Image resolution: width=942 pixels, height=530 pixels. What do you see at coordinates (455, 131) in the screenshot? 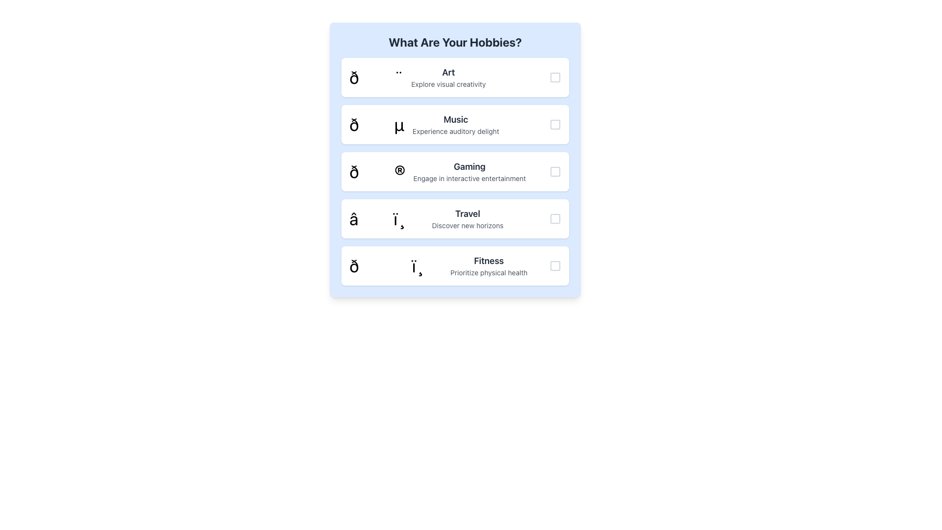
I see `the descriptive text label for the 'Music' section located below the 'Music' header in the 'What Are Your Hobbies?' list` at bounding box center [455, 131].